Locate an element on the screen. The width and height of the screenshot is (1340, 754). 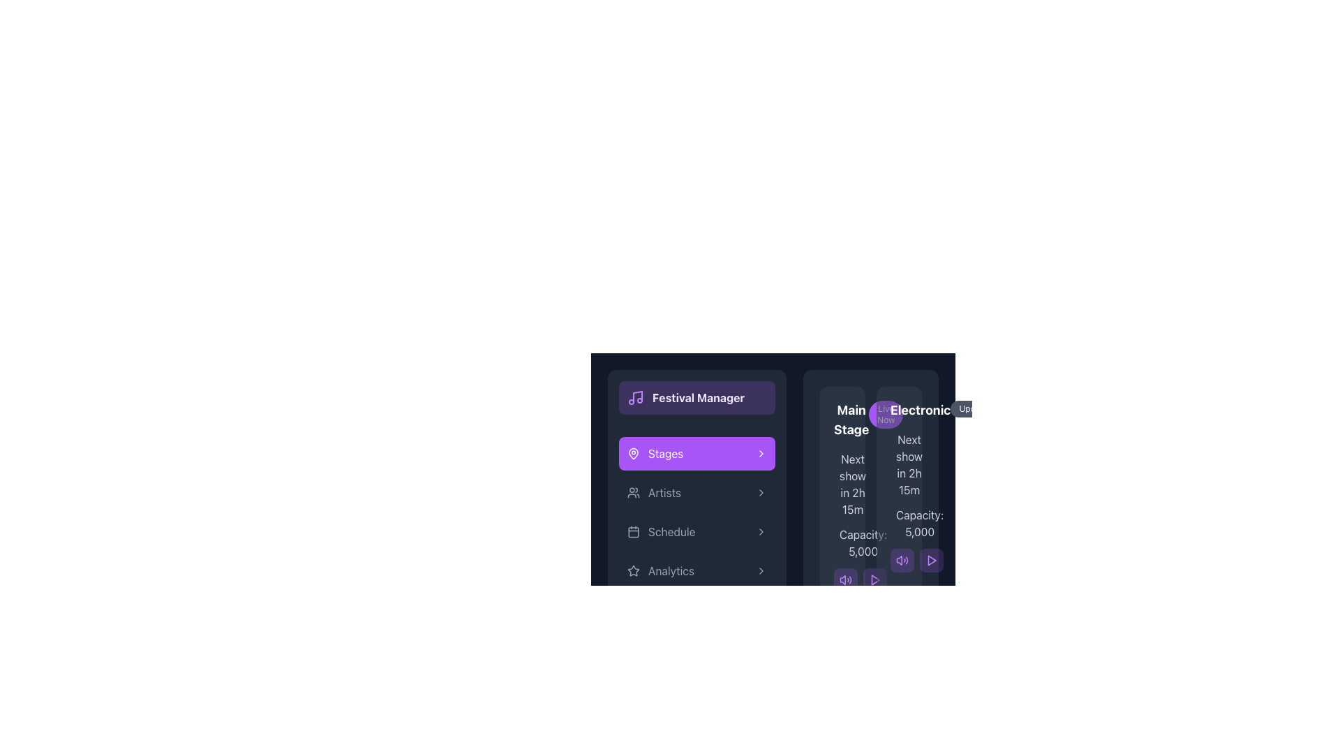
the purple button with a white volume icon, located as the left-most button in the interactive controls below the 'Main Stage' section is located at coordinates (844, 579).